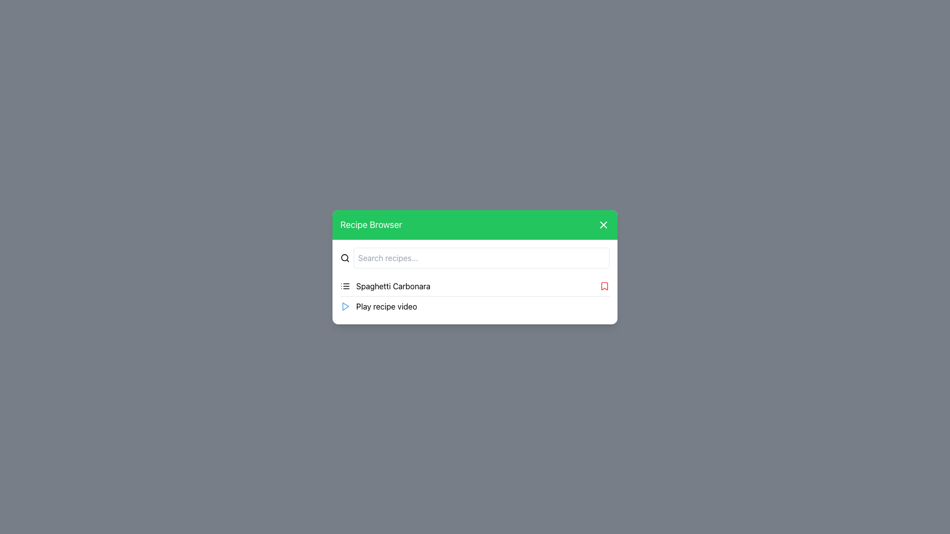 Image resolution: width=950 pixels, height=534 pixels. Describe the element at coordinates (603, 224) in the screenshot. I see `the close button located at the top-right corner of the green header bar of the Recipe Browser interface` at that location.